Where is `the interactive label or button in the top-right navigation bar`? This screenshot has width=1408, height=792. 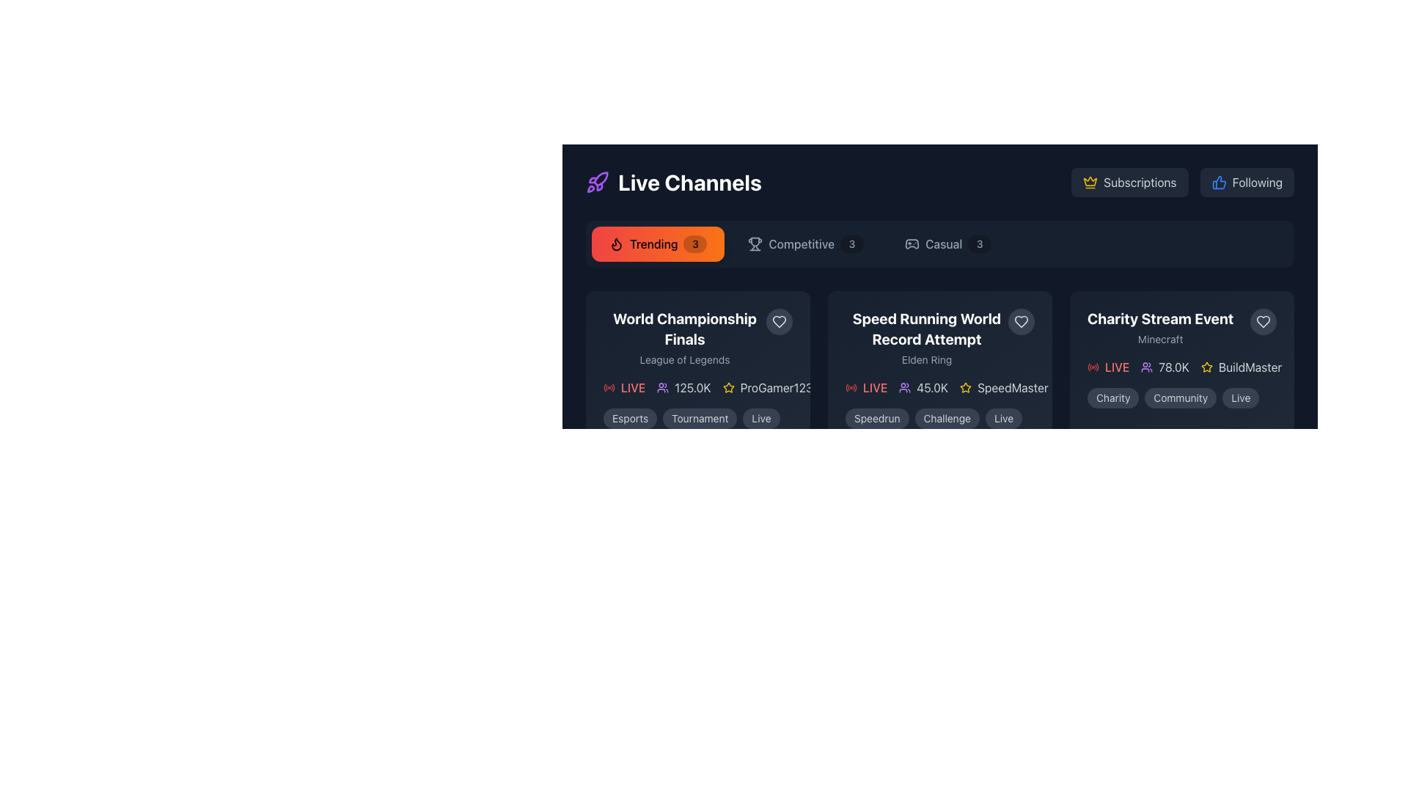
the interactive label or button in the top-right navigation bar is located at coordinates (1139, 182).